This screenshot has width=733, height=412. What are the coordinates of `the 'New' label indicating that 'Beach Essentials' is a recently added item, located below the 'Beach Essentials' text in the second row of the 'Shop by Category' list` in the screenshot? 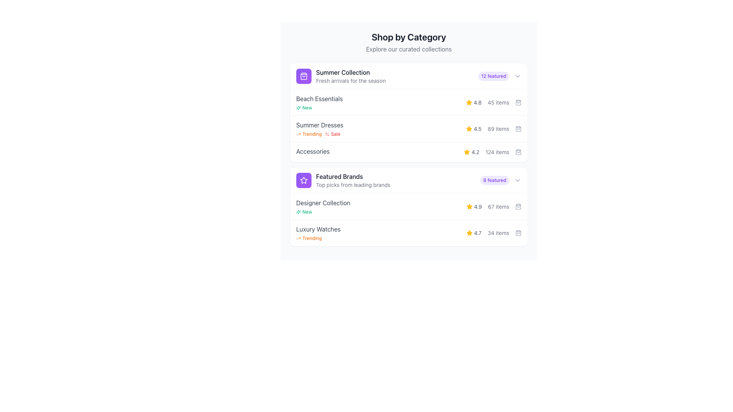 It's located at (304, 108).